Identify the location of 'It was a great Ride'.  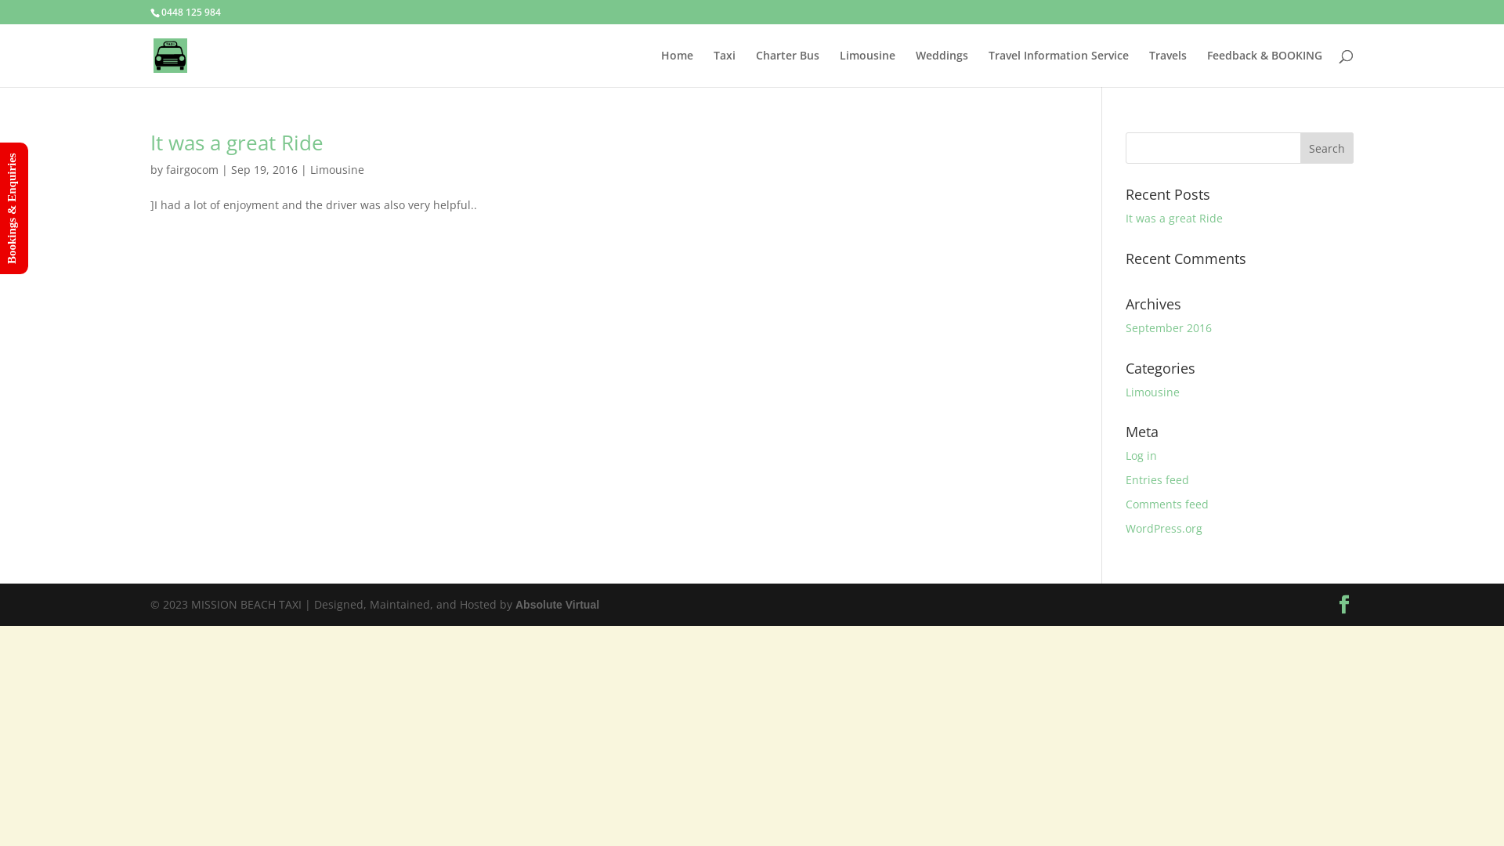
(236, 142).